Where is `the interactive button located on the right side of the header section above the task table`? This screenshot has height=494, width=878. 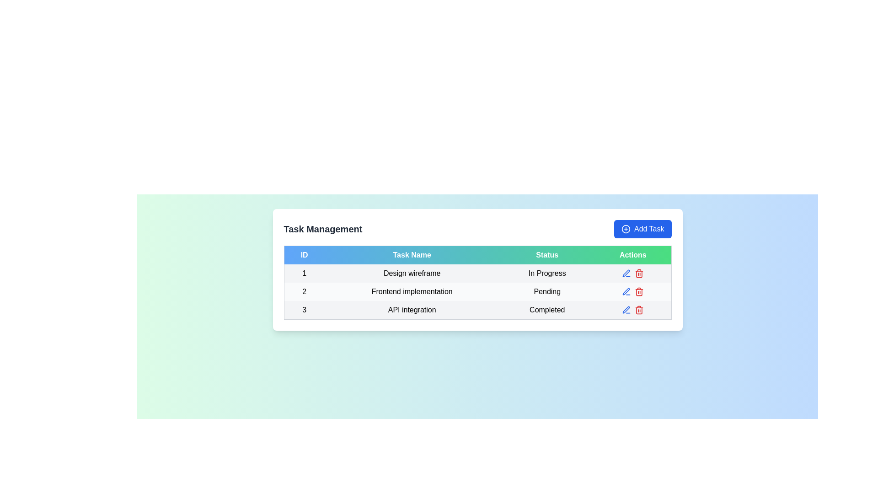 the interactive button located on the right side of the header section above the task table is located at coordinates (642, 229).